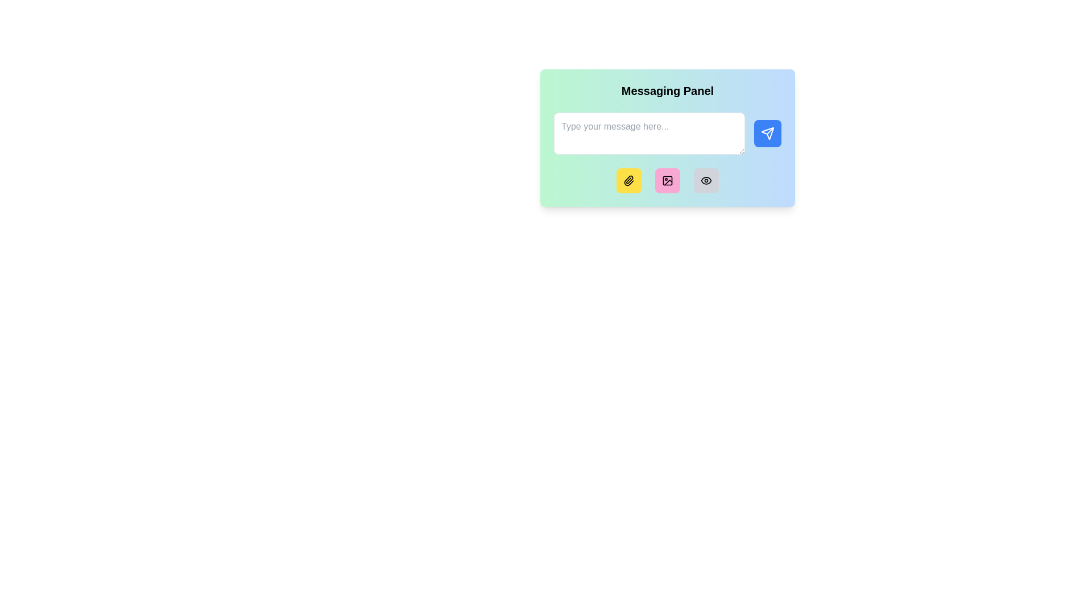 The height and width of the screenshot is (614, 1092). I want to click on the visibility toggle button located as the last button in a horizontal row of three buttons beneath a text input field, positioned to the right of a pink button with an image icon, so click(706, 180).